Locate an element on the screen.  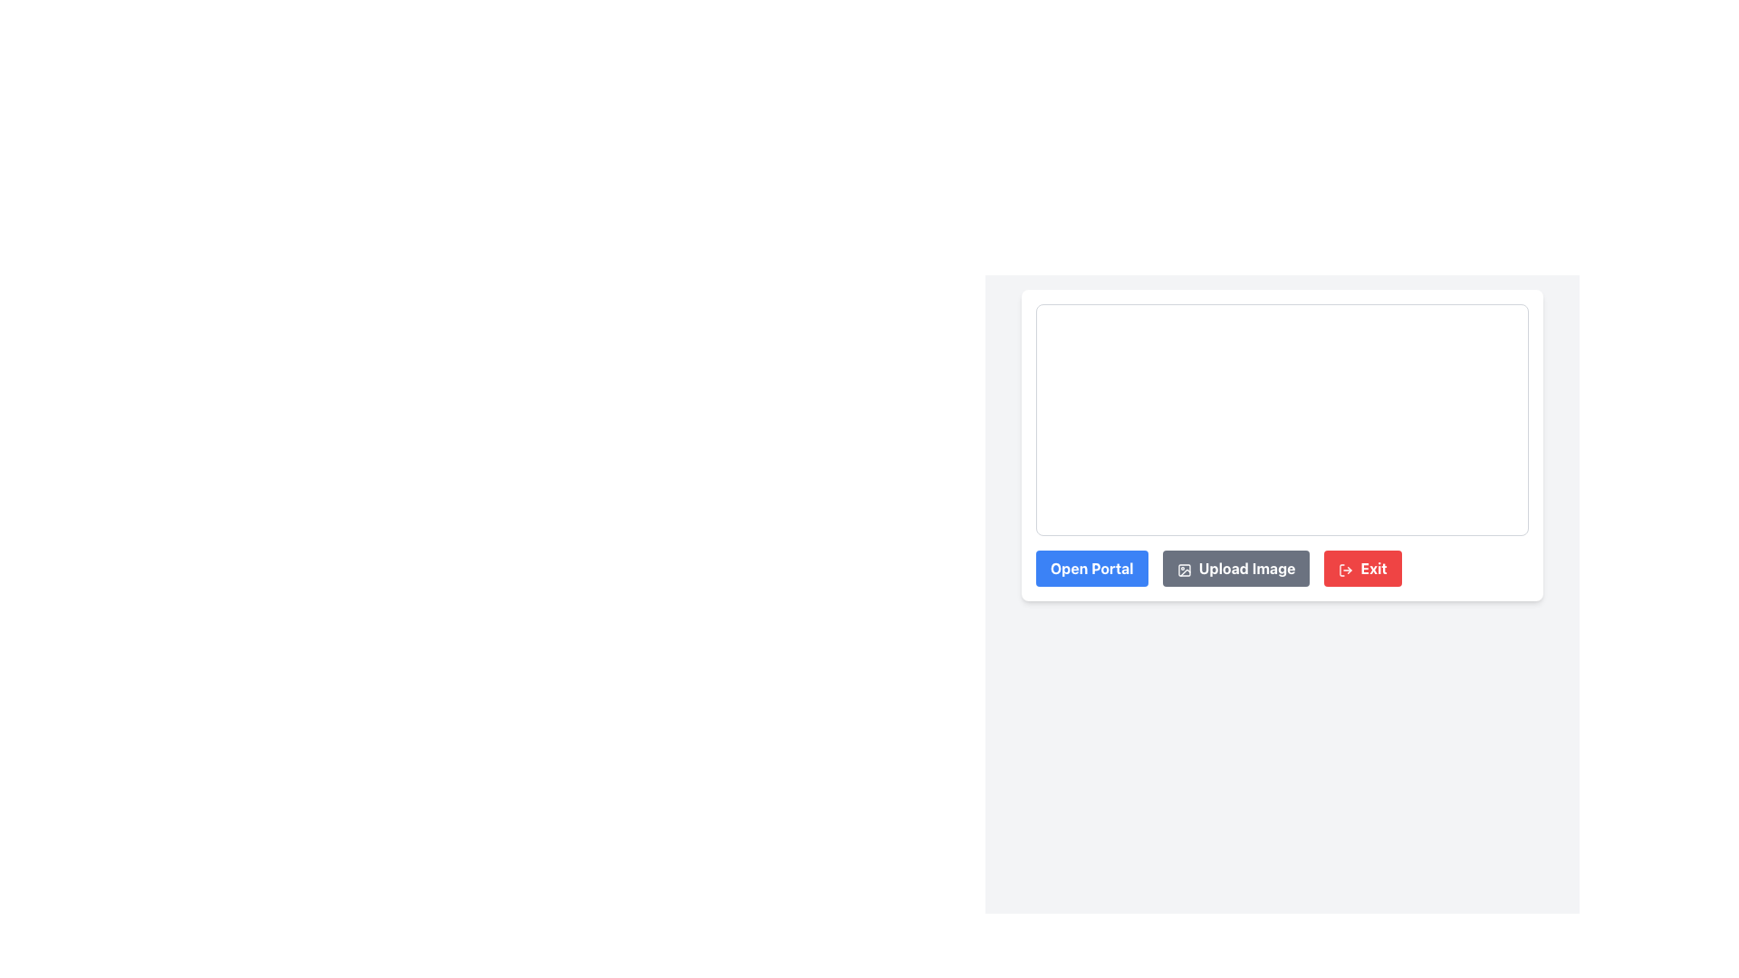
the small icon resembling a simplified depiction of an image, located to the left of the 'Upload Image' button text is located at coordinates (1184, 569).